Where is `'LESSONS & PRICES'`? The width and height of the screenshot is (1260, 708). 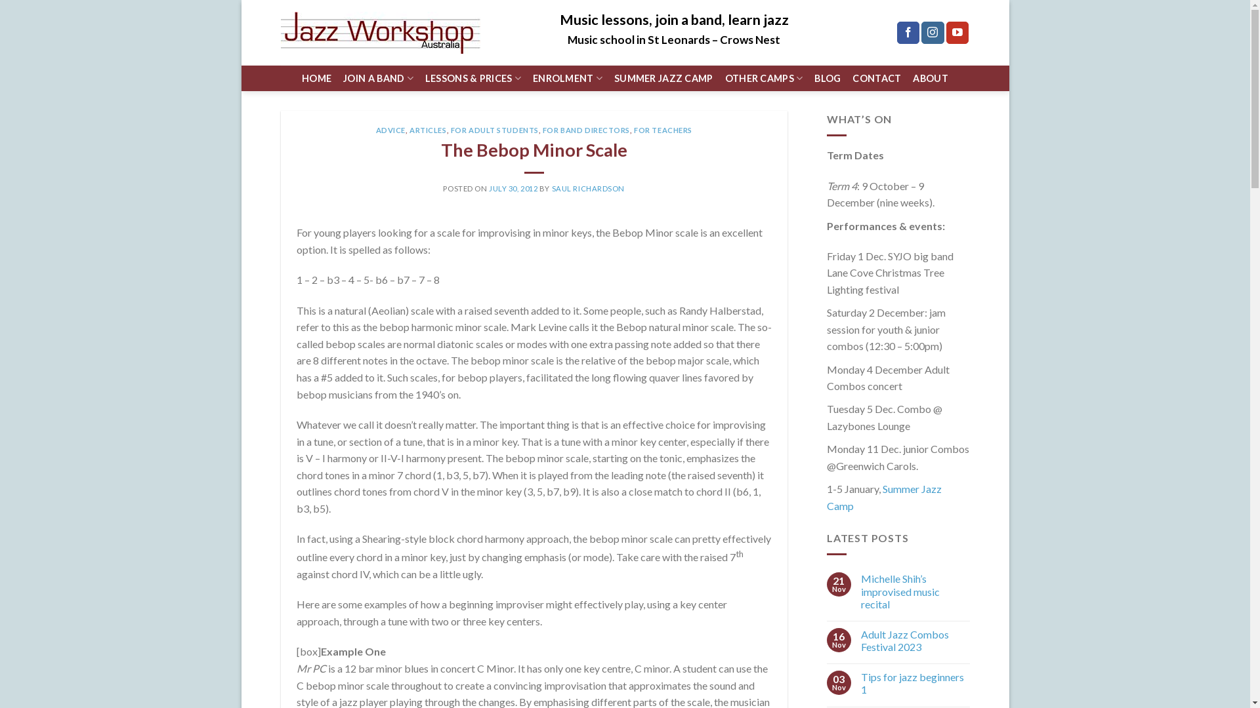
'LESSONS & PRICES' is located at coordinates (425, 78).